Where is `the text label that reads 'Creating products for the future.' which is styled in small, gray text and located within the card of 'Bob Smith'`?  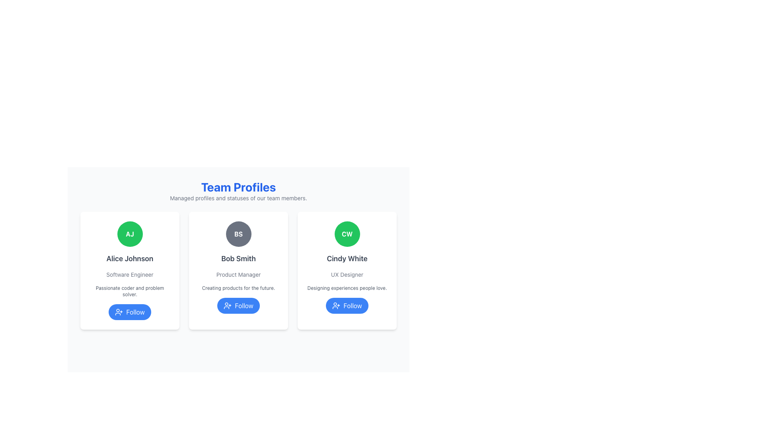
the text label that reads 'Creating products for the future.' which is styled in small, gray text and located within the card of 'Bob Smith' is located at coordinates (238, 288).